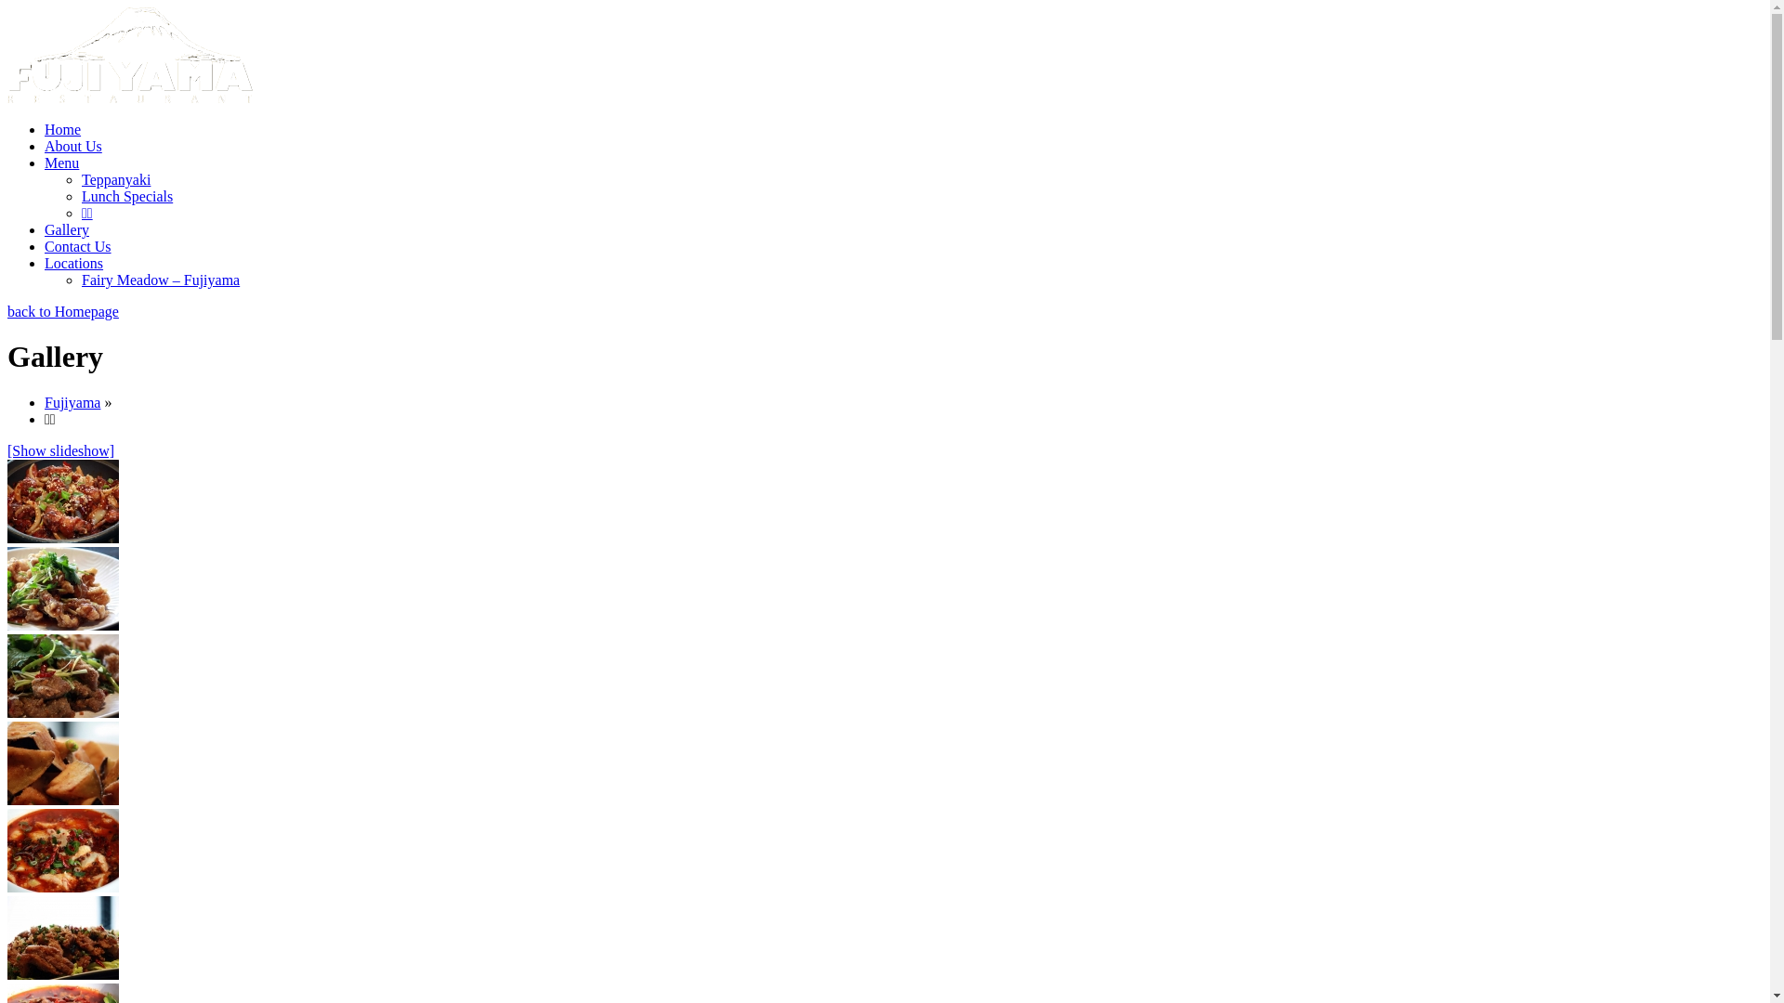 Image resolution: width=1784 pixels, height=1003 pixels. What do you see at coordinates (61, 162) in the screenshot?
I see `'Menu'` at bounding box center [61, 162].